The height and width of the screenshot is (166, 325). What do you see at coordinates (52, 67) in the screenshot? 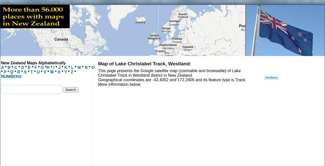
I see `'I'` at bounding box center [52, 67].